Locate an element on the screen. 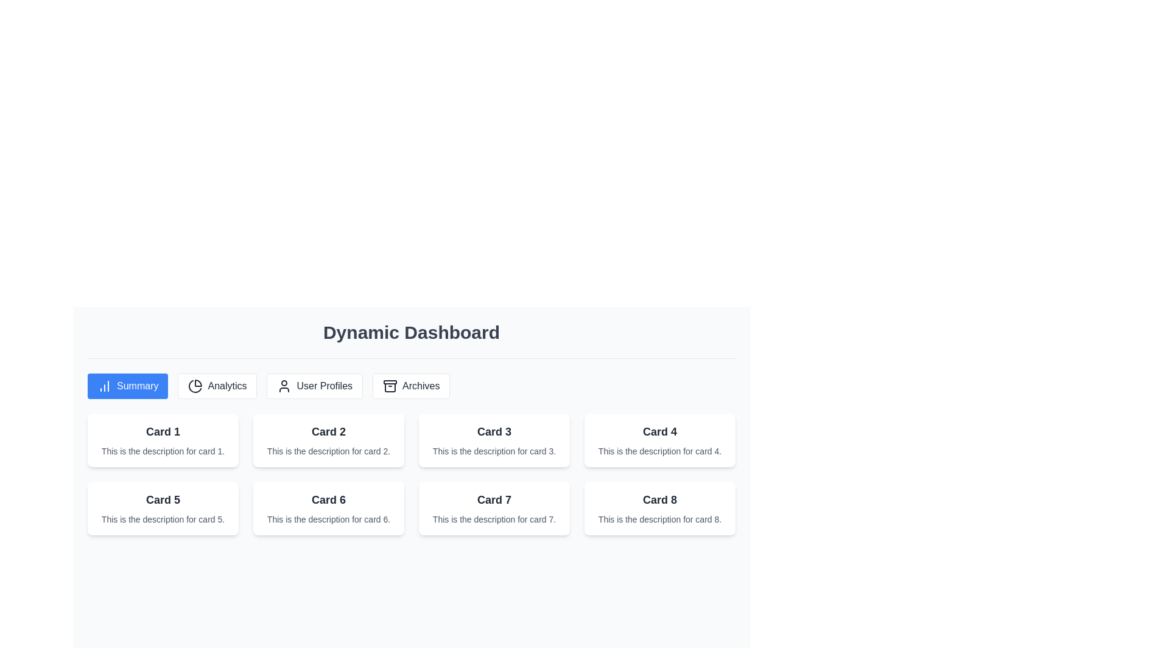 This screenshot has height=657, width=1169. the description text component that contains the content 'This is the description for card 8.' located at the bottom-right corner of the card labeled 'Card 8' is located at coordinates (659, 519).